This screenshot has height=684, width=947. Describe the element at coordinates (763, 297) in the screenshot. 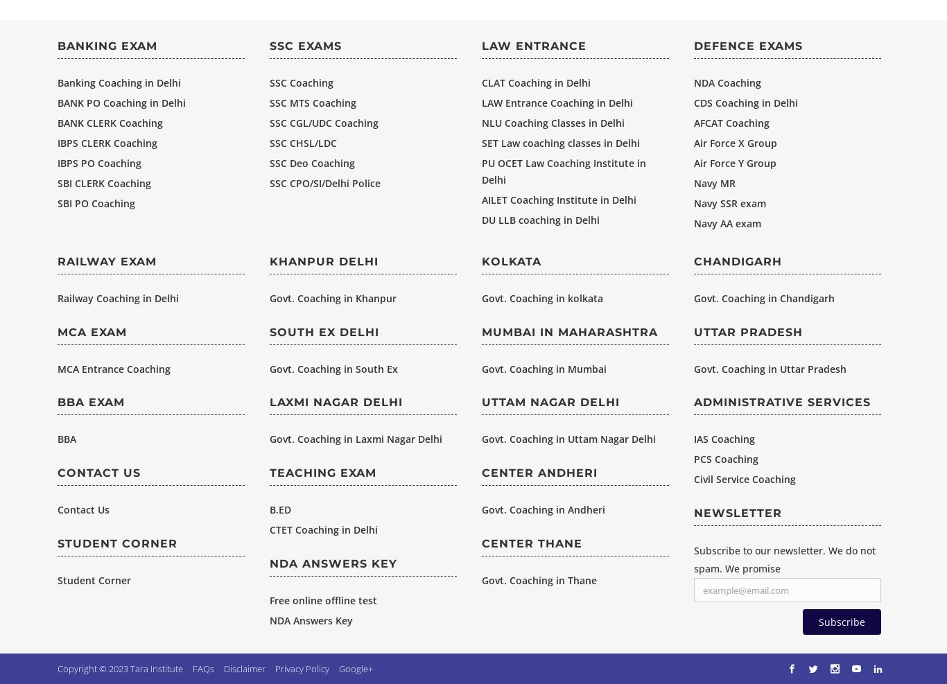

I see `'Govt. Coaching in Chandigarh'` at that location.